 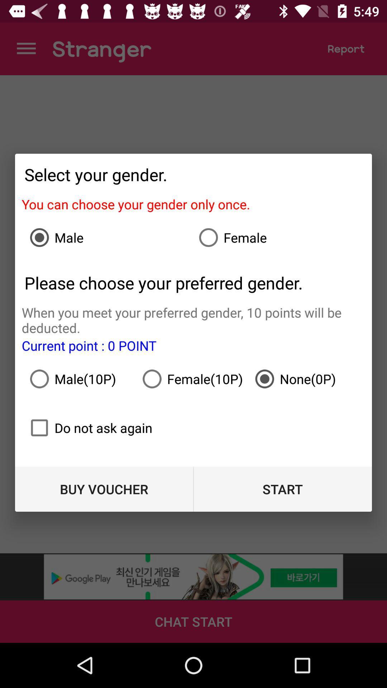 What do you see at coordinates (88, 428) in the screenshot?
I see `the do not ask item` at bounding box center [88, 428].